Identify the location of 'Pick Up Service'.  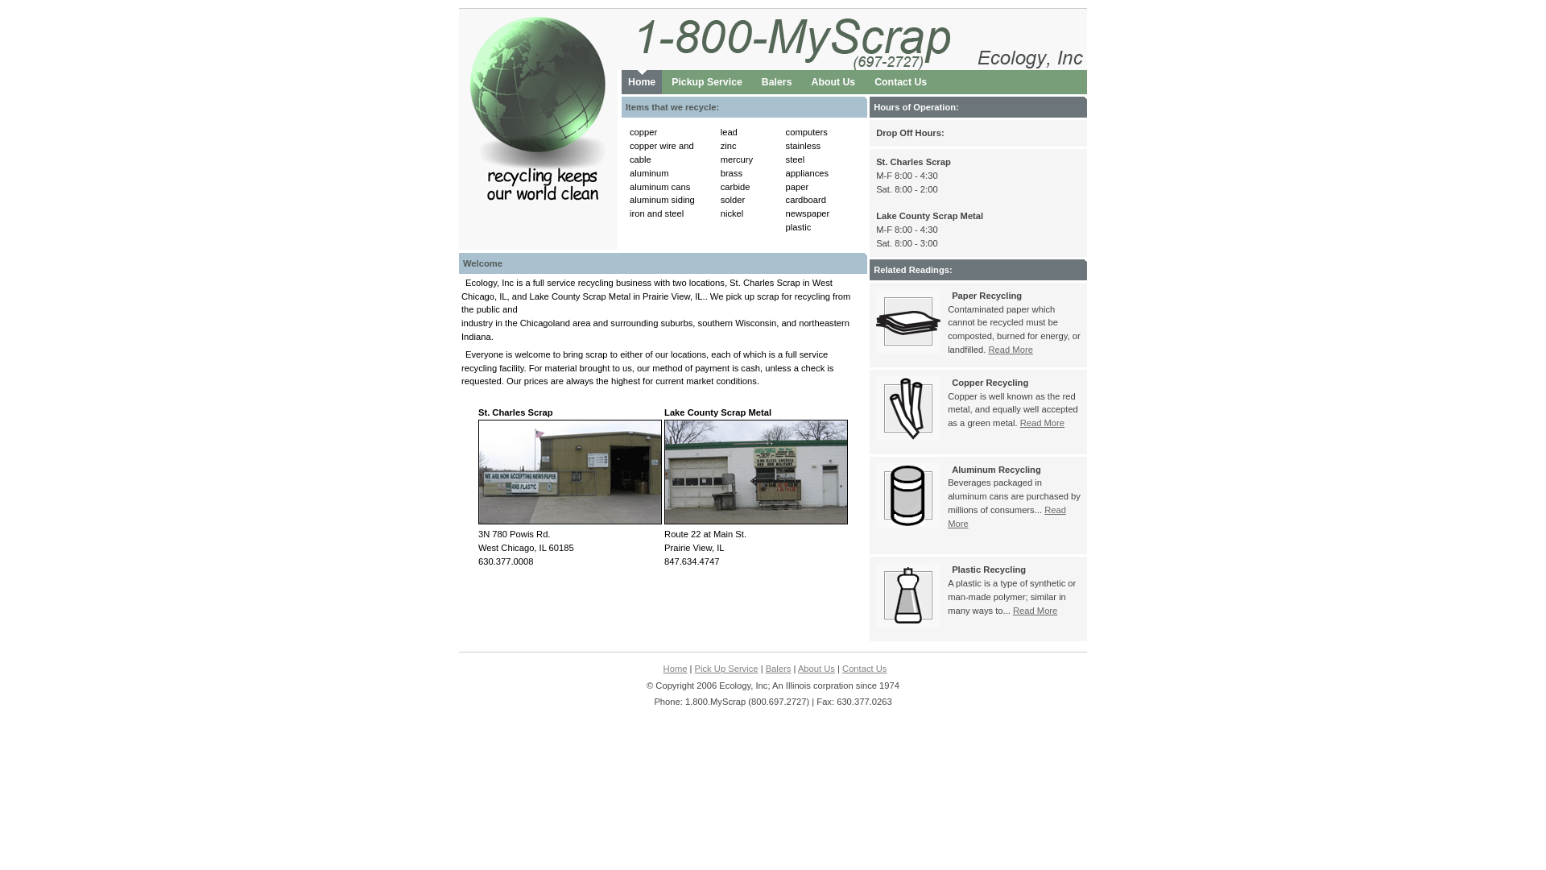
(725, 668).